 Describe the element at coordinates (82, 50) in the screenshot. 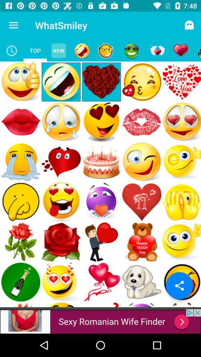

I see `emoji section` at that location.